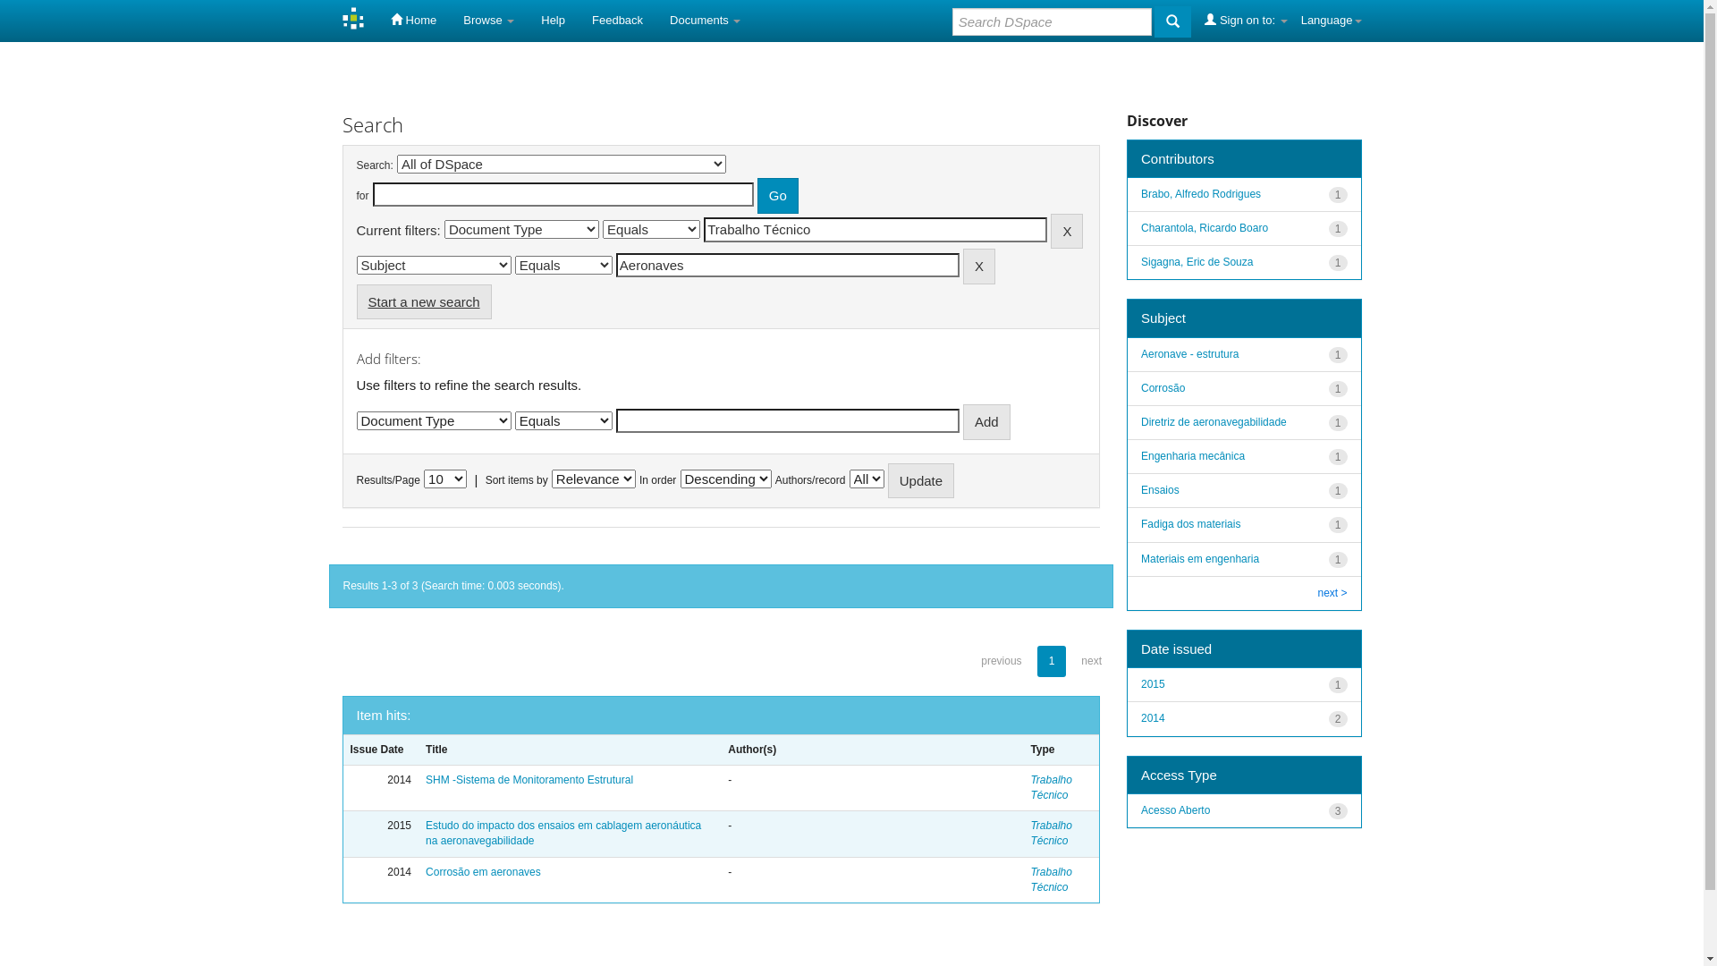 This screenshot has height=966, width=1717. I want to click on '2014', so click(1153, 716).